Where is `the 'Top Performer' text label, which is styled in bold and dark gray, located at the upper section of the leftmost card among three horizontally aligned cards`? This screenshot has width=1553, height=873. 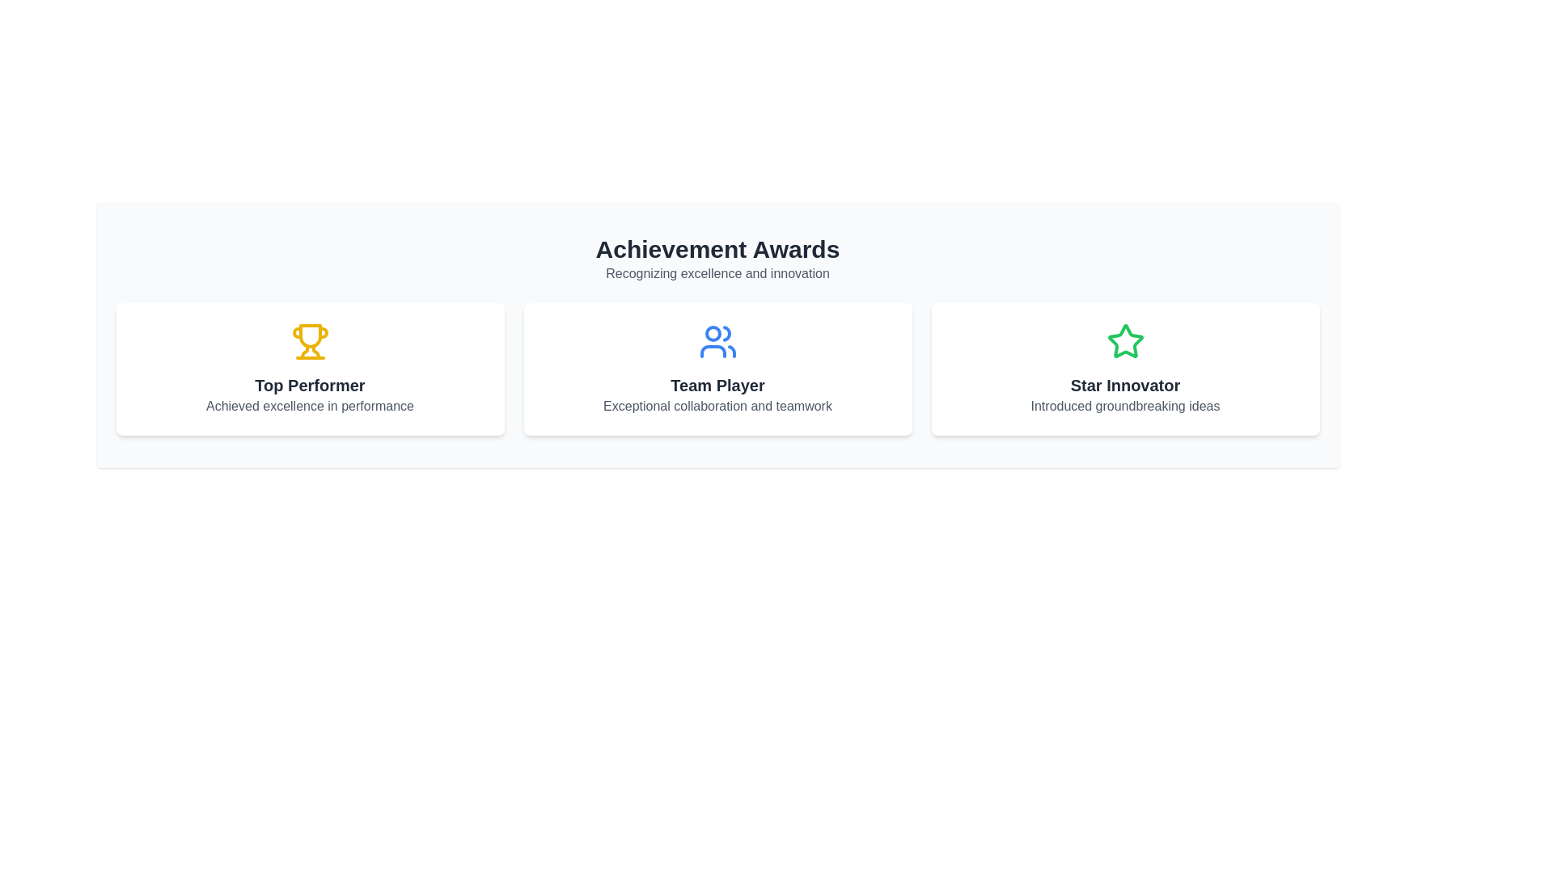
the 'Top Performer' text label, which is styled in bold and dark gray, located at the upper section of the leftmost card among three horizontally aligned cards is located at coordinates (310, 386).